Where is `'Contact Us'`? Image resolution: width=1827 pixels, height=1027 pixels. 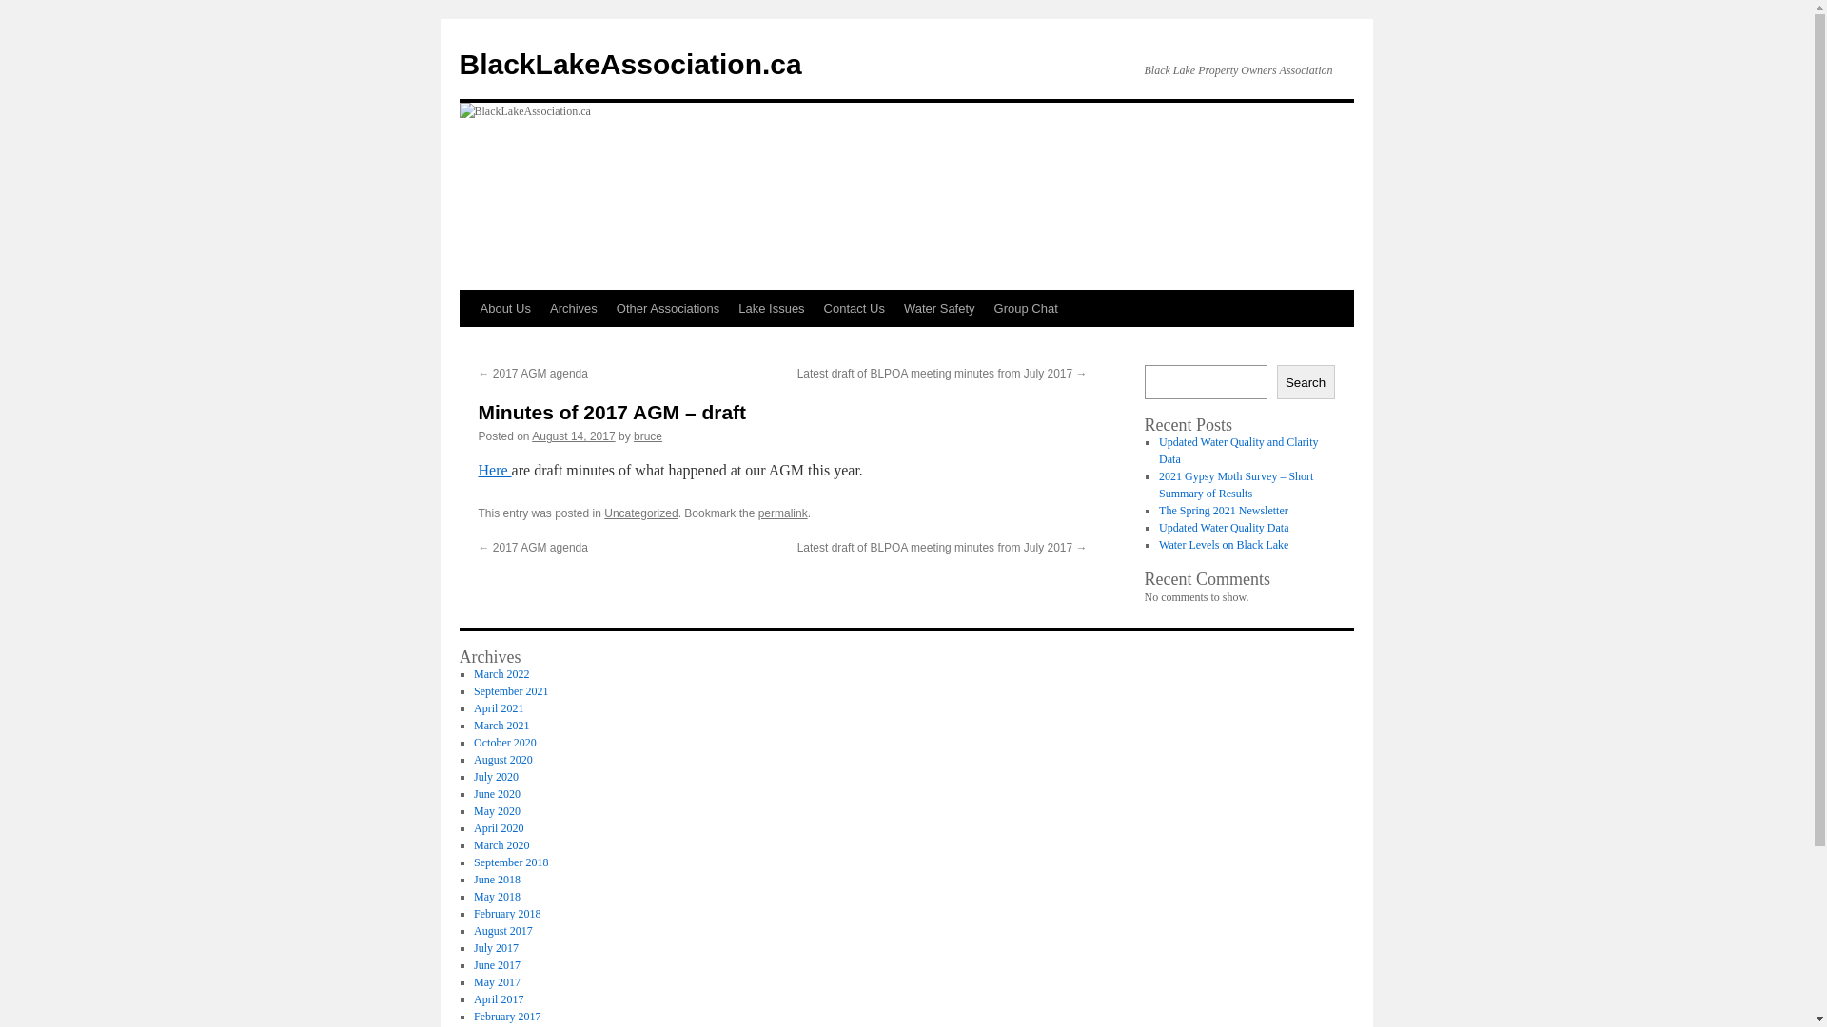 'Contact Us' is located at coordinates (853, 307).